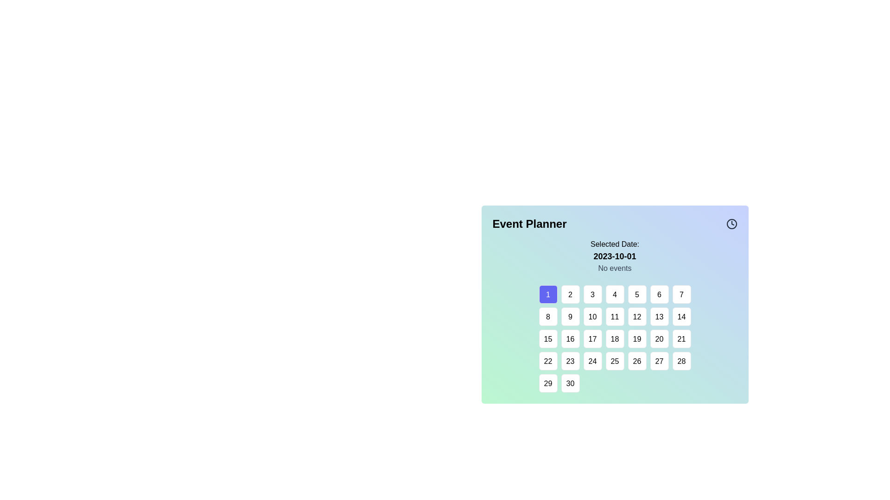  What do you see at coordinates (570, 316) in the screenshot?
I see `the date selector button located in the second row and second column of the calendar grid under the 'Event Planner' heading` at bounding box center [570, 316].